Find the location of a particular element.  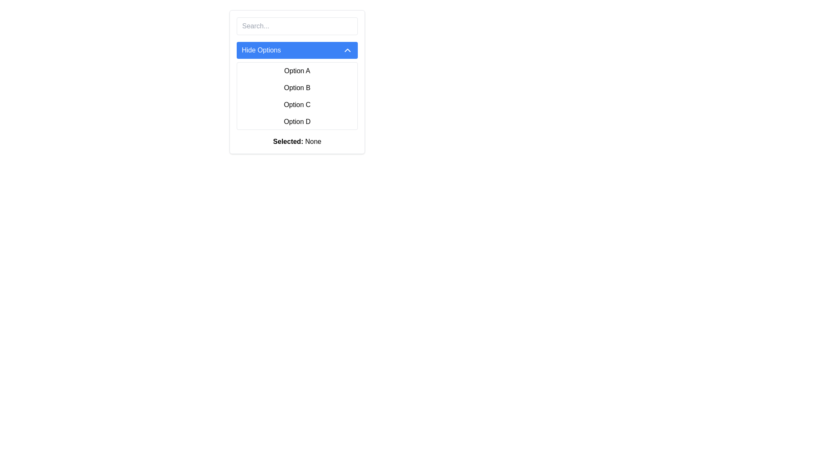

the Text label indicating the current selection status within the dropdown list, which precedes the text 'None' is located at coordinates (288, 141).